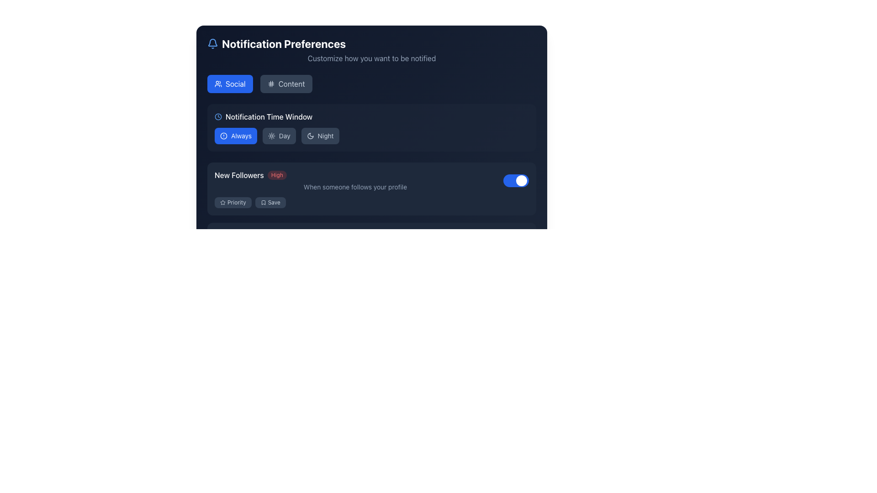 The image size is (877, 493). I want to click on the decorative icon next to the 'Social' button in the Notification Preferences interface, so click(218, 84).